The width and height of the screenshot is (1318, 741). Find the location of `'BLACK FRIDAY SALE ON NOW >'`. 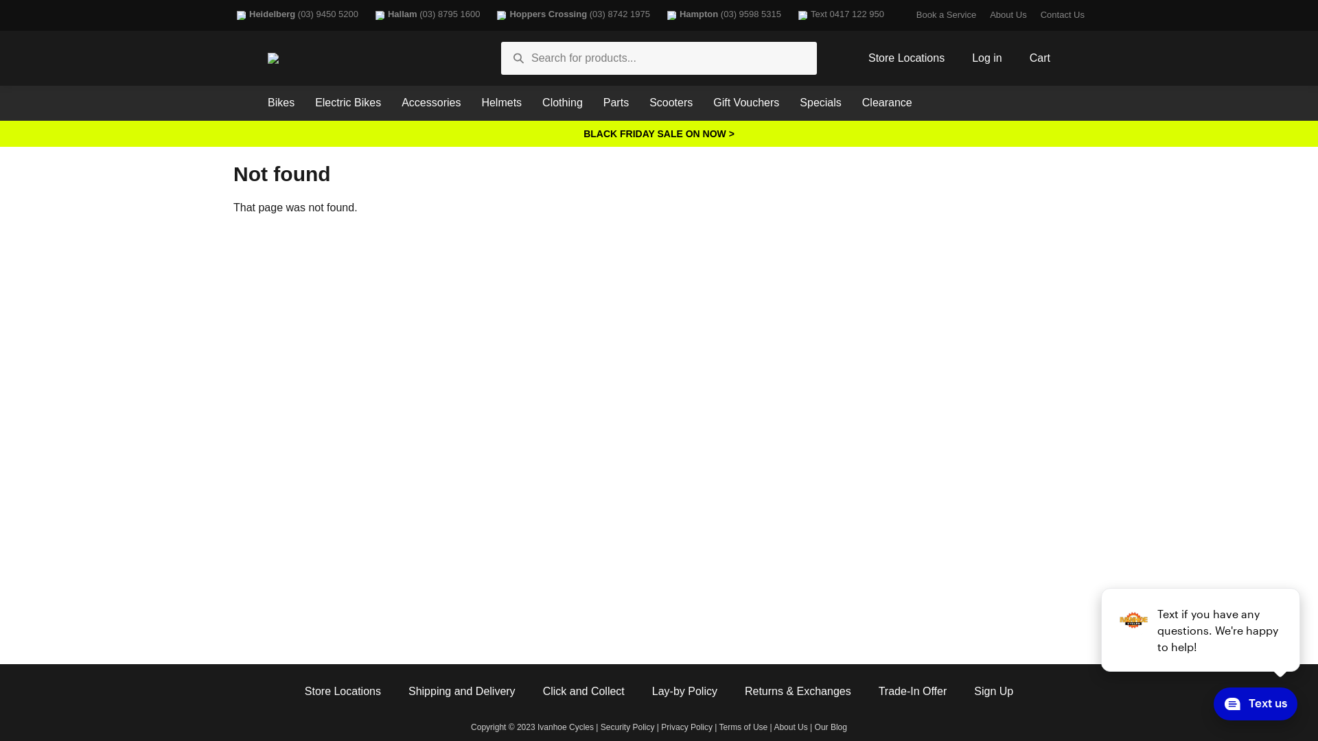

'BLACK FRIDAY SALE ON NOW >' is located at coordinates (659, 134).